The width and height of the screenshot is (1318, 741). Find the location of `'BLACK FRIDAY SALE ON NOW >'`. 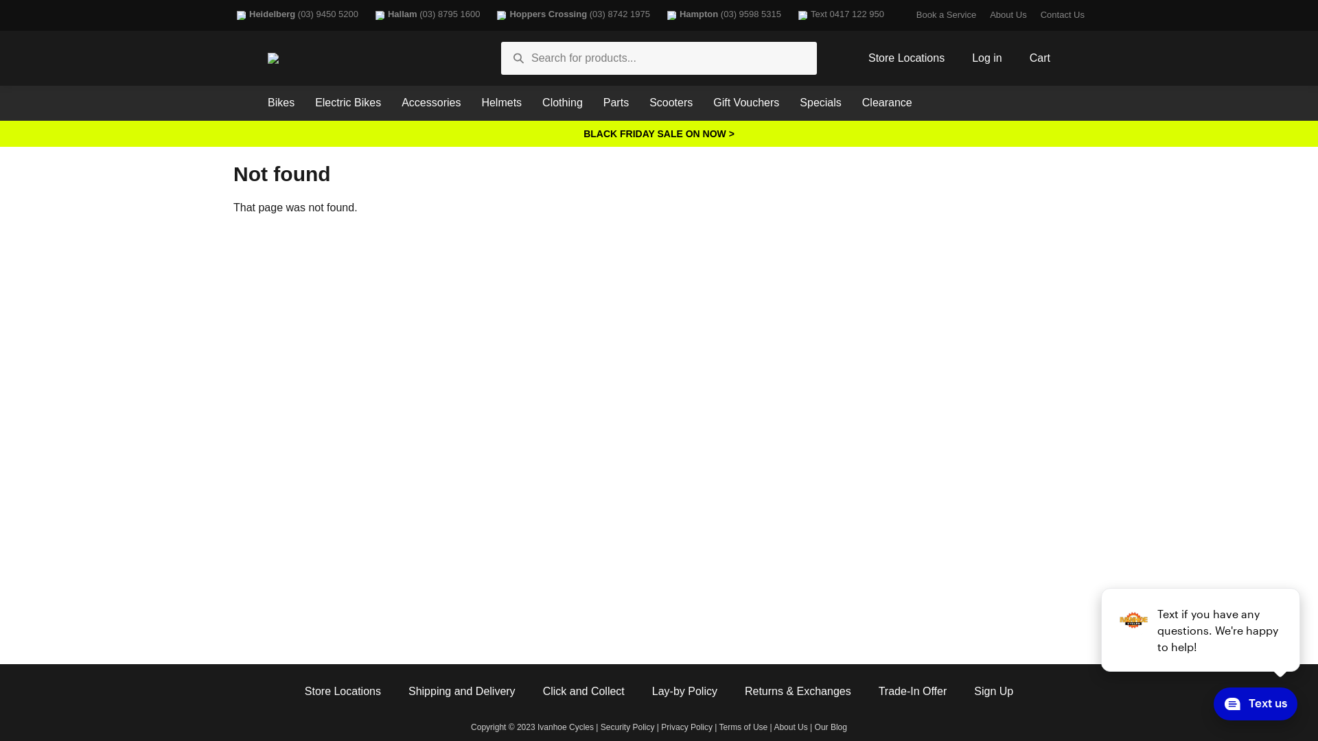

'BLACK FRIDAY SALE ON NOW >' is located at coordinates (659, 134).